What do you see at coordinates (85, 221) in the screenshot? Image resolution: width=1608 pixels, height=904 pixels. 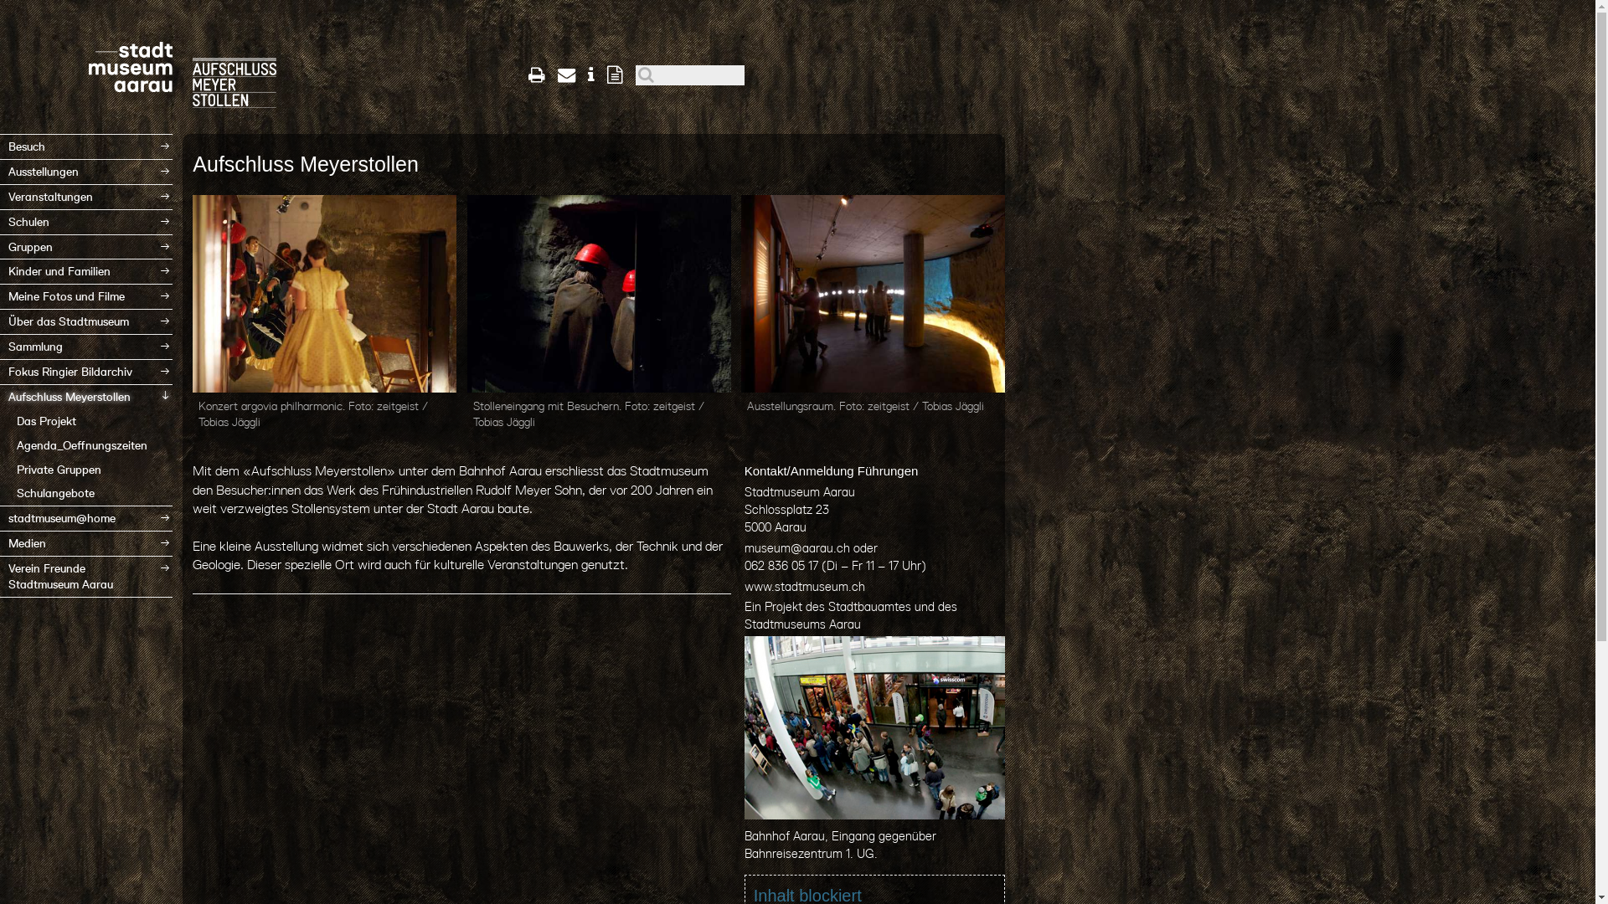 I see `'Schulen'` at bounding box center [85, 221].